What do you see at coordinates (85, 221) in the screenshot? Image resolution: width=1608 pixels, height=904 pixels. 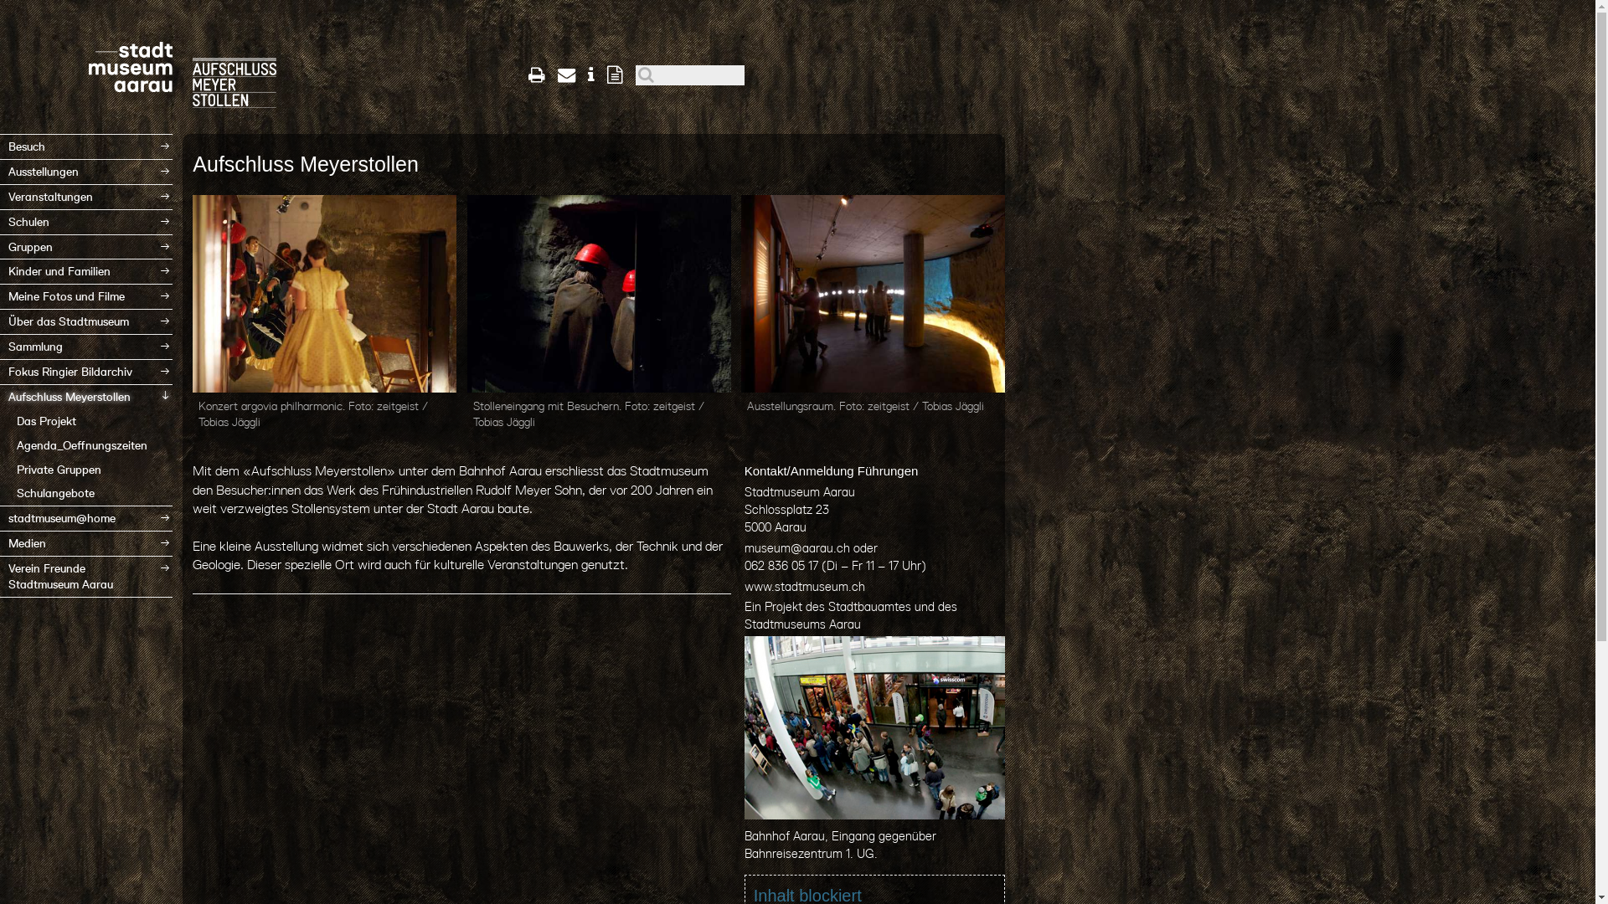 I see `'Schulen'` at bounding box center [85, 221].